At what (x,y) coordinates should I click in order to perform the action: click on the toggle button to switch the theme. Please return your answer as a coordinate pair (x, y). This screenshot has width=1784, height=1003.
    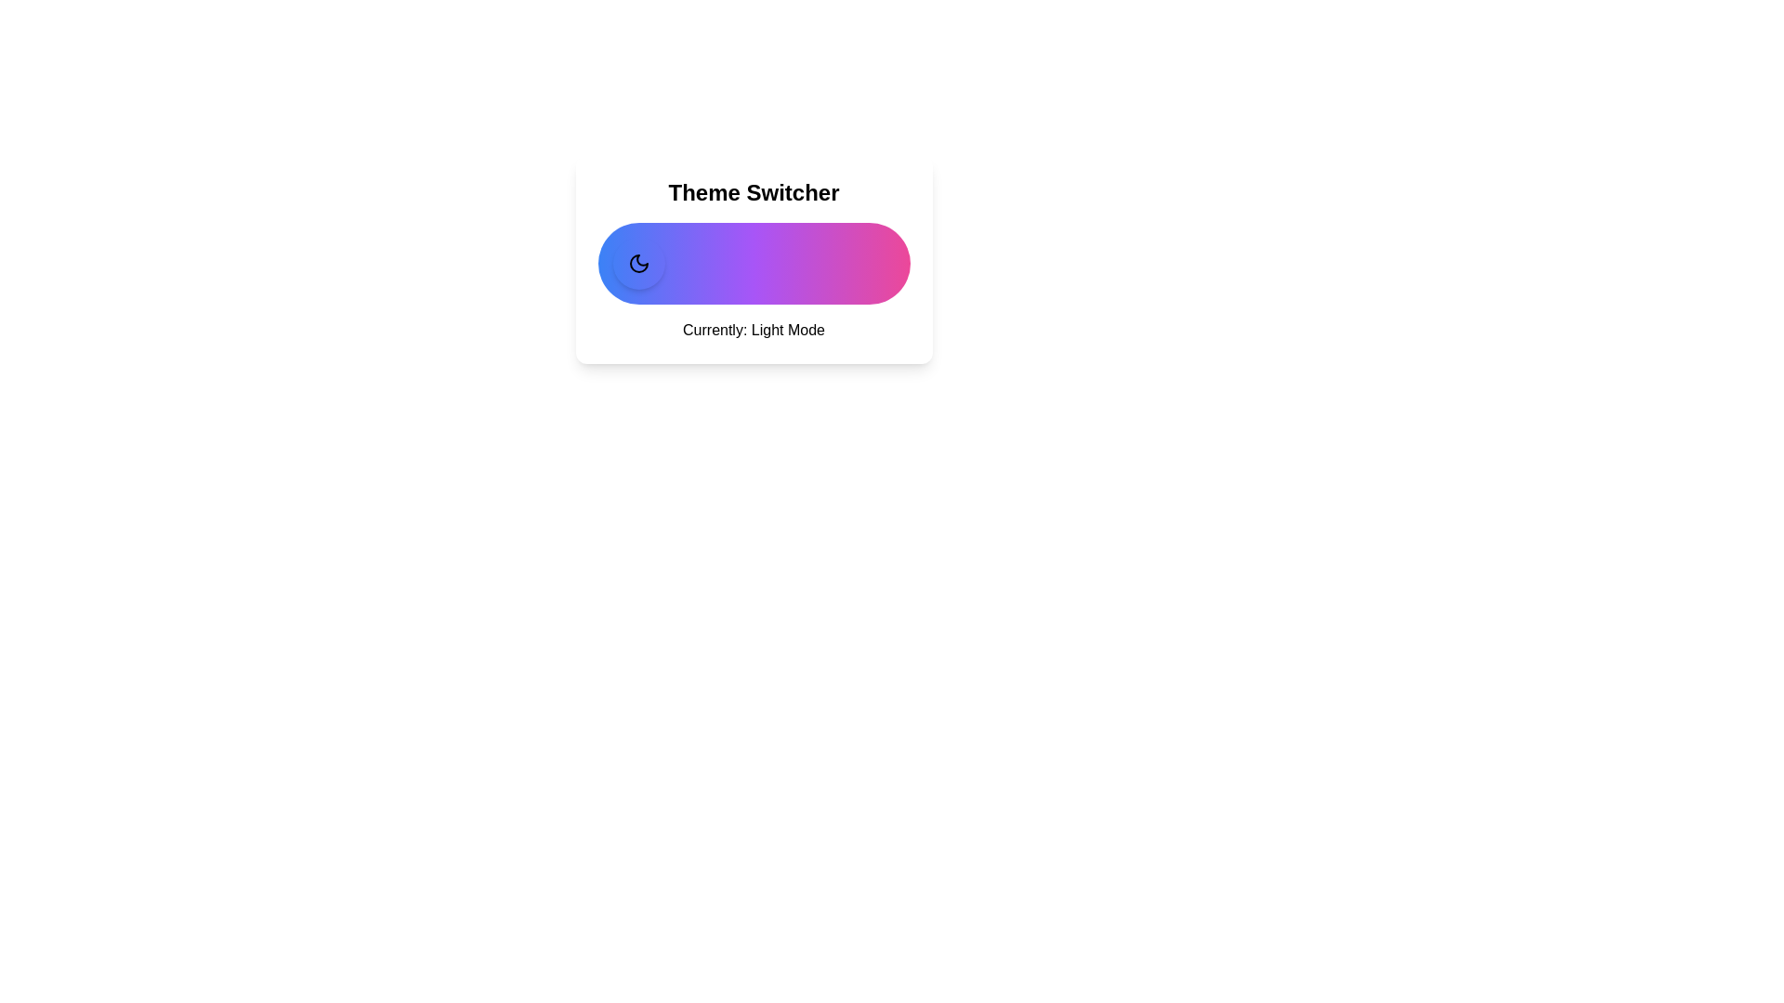
    Looking at the image, I should click on (638, 264).